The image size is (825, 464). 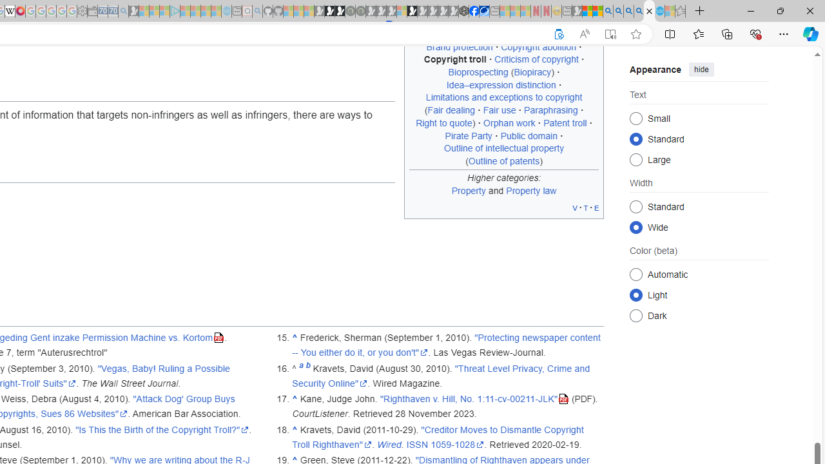 I want to click on 'Services - Maintenance | Sky Blue Bikes - Sky Blue Bikes', so click(x=659, y=11).